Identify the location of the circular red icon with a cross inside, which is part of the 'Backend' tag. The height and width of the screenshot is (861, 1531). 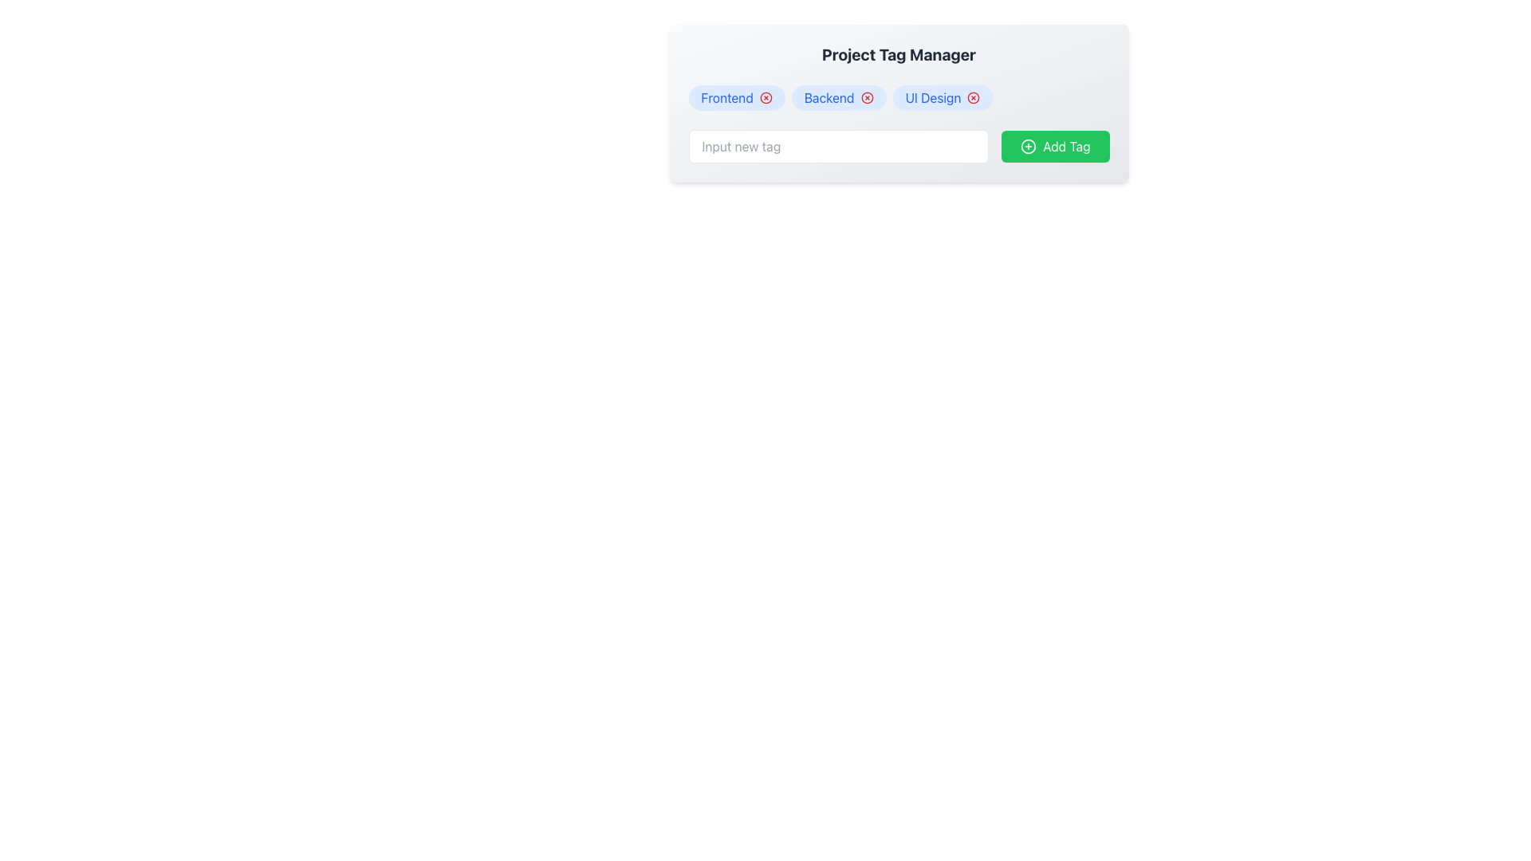
(866, 98).